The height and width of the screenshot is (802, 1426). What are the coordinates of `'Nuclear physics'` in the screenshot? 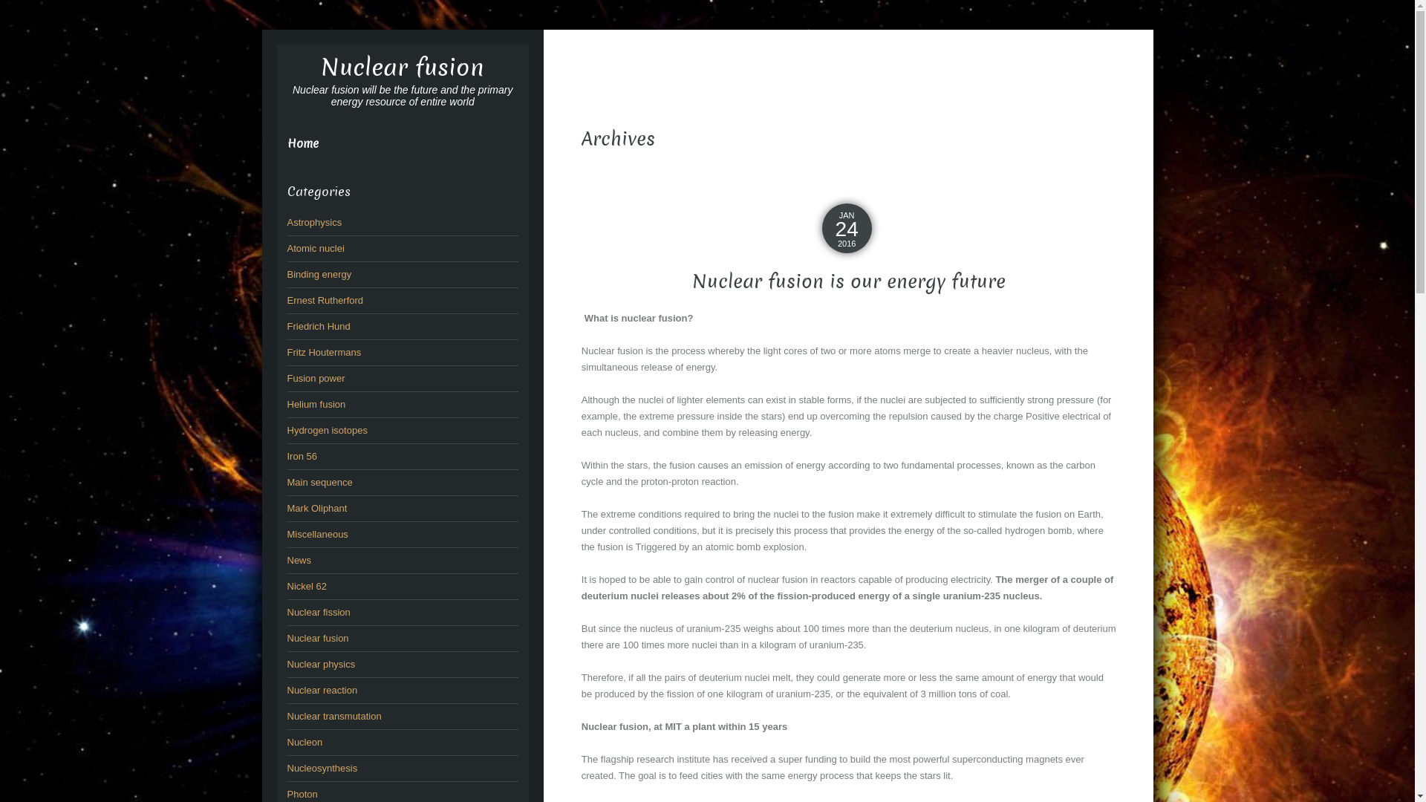 It's located at (320, 663).